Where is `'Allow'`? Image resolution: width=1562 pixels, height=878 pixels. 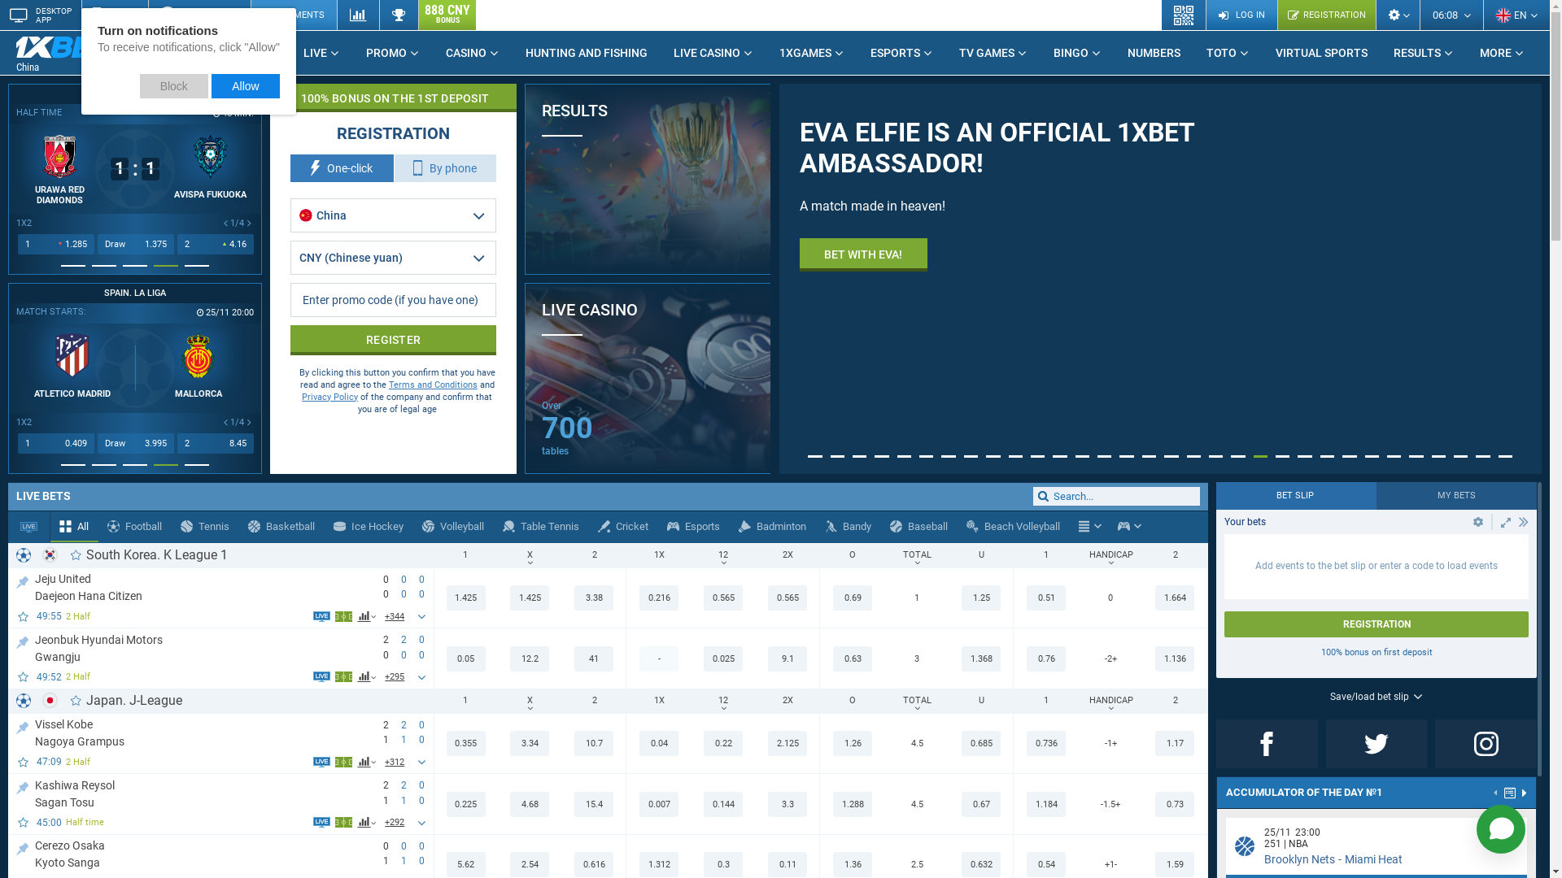
'Allow' is located at coordinates (245, 85).